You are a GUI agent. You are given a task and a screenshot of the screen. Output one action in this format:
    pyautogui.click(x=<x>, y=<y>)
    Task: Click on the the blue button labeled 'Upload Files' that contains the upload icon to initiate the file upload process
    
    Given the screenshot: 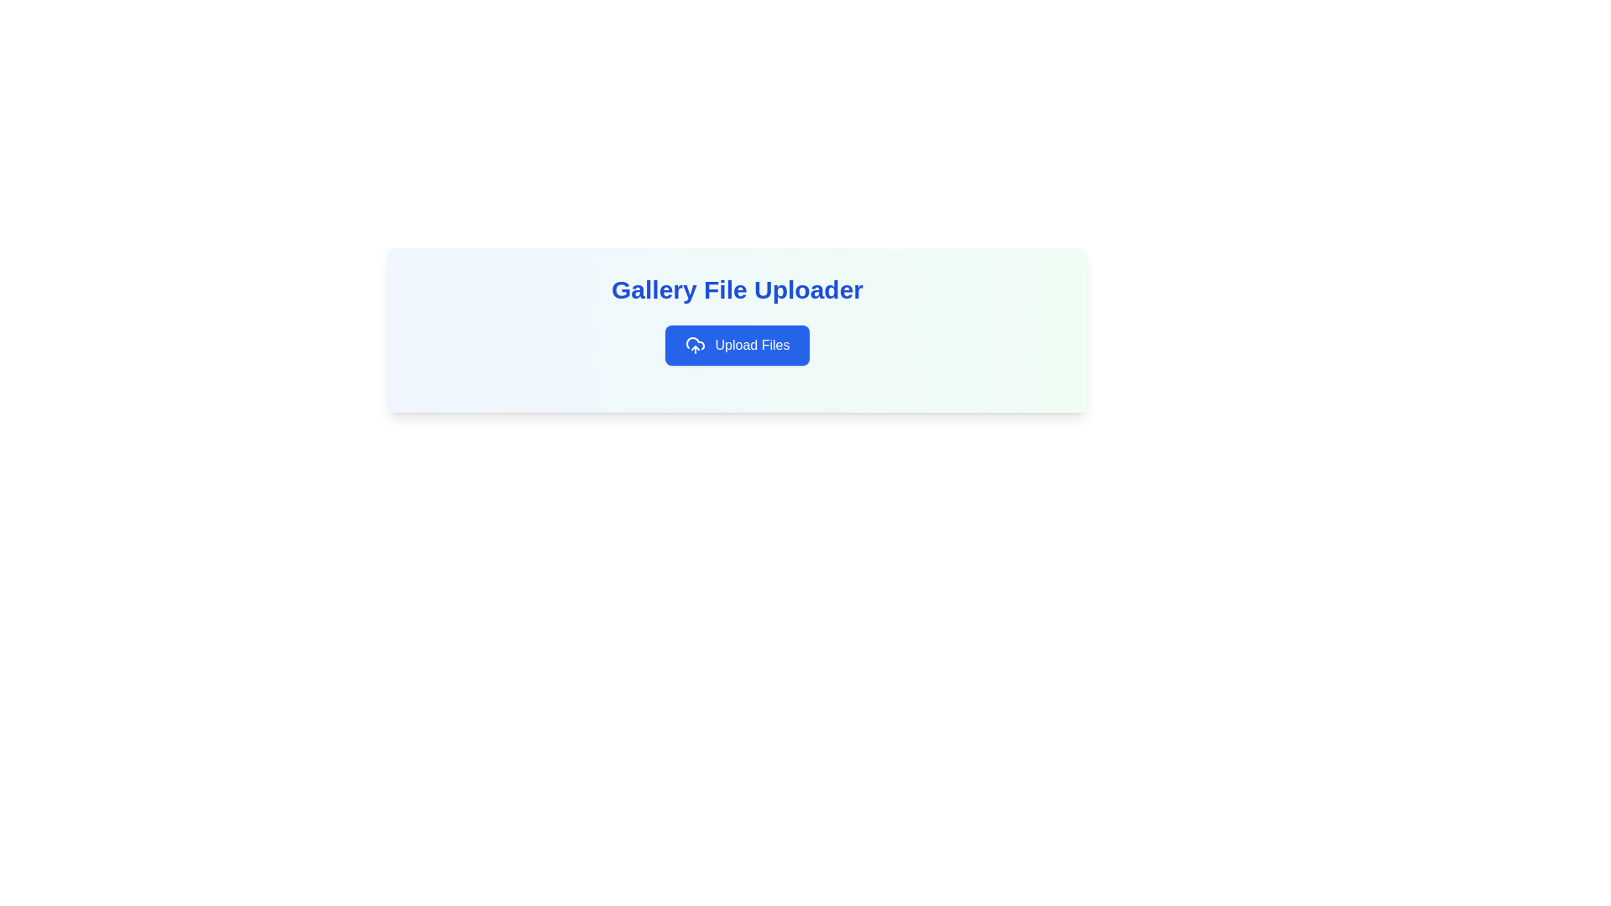 What is the action you would take?
    pyautogui.click(x=695, y=345)
    